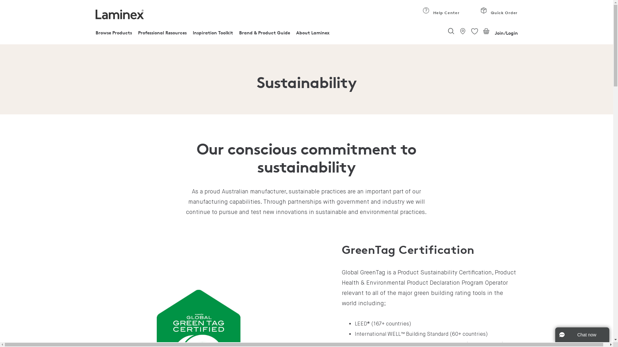  What do you see at coordinates (458, 31) in the screenshot?
I see `'See & Buy'` at bounding box center [458, 31].